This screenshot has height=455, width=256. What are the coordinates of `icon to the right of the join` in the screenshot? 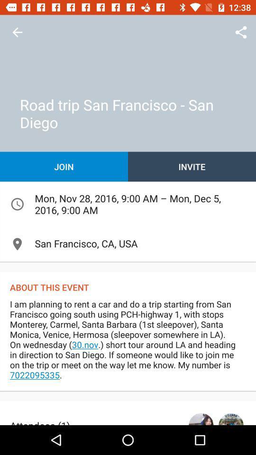 It's located at (192, 166).